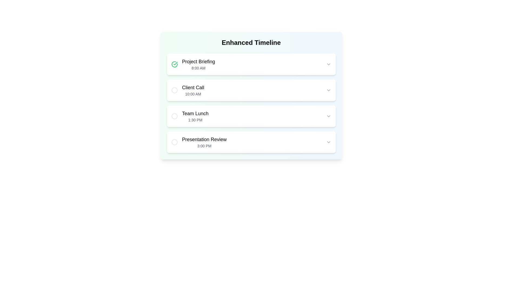 The height and width of the screenshot is (292, 519). What do you see at coordinates (174, 142) in the screenshot?
I see `the decorative Circle within the SVG graphic that indicates completion status in the timeline interface, located in the fourth row with 'Presentation Review' and '3:00 PM'` at bounding box center [174, 142].